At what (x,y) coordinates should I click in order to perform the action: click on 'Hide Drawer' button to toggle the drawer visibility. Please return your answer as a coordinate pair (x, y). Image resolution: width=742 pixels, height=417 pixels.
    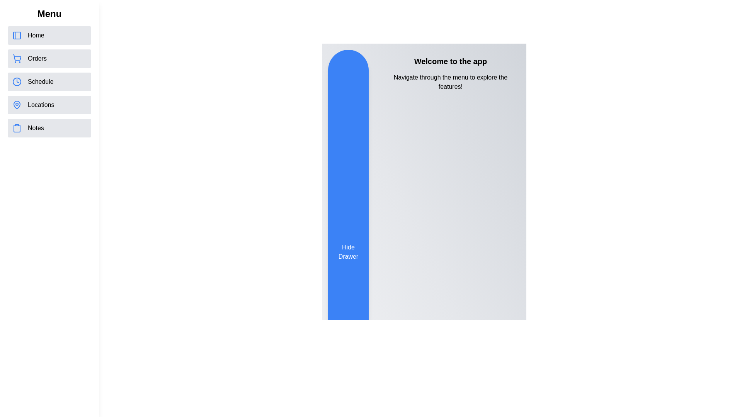
    Looking at the image, I should click on (348, 252).